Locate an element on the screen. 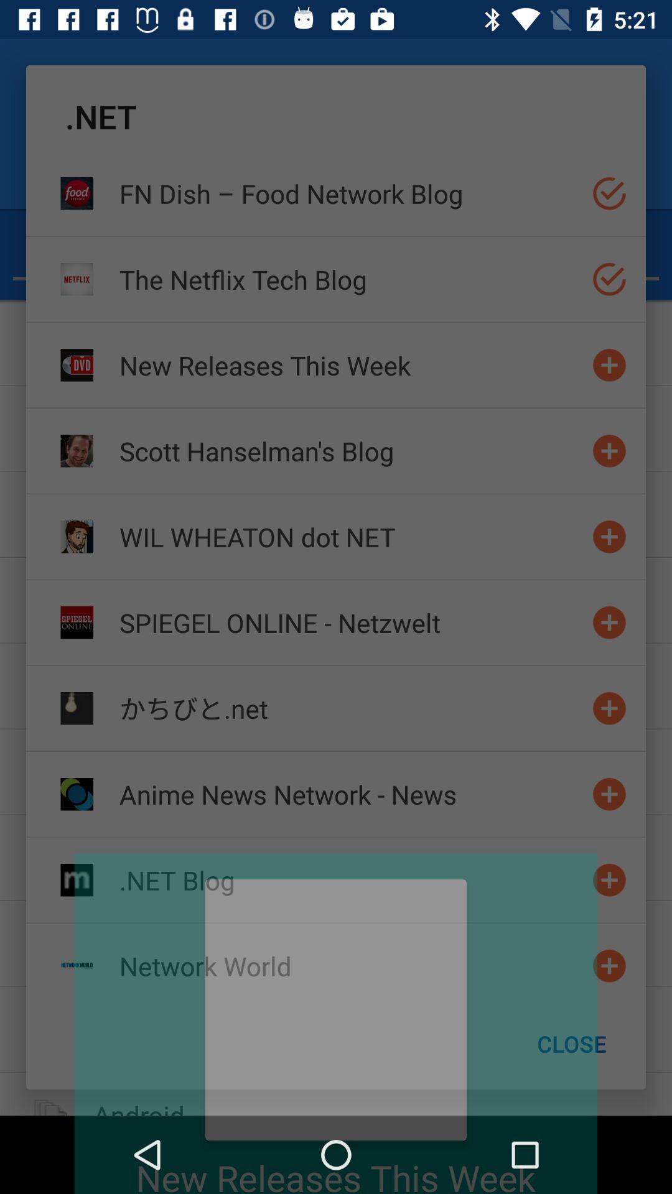  select option is located at coordinates (609, 279).